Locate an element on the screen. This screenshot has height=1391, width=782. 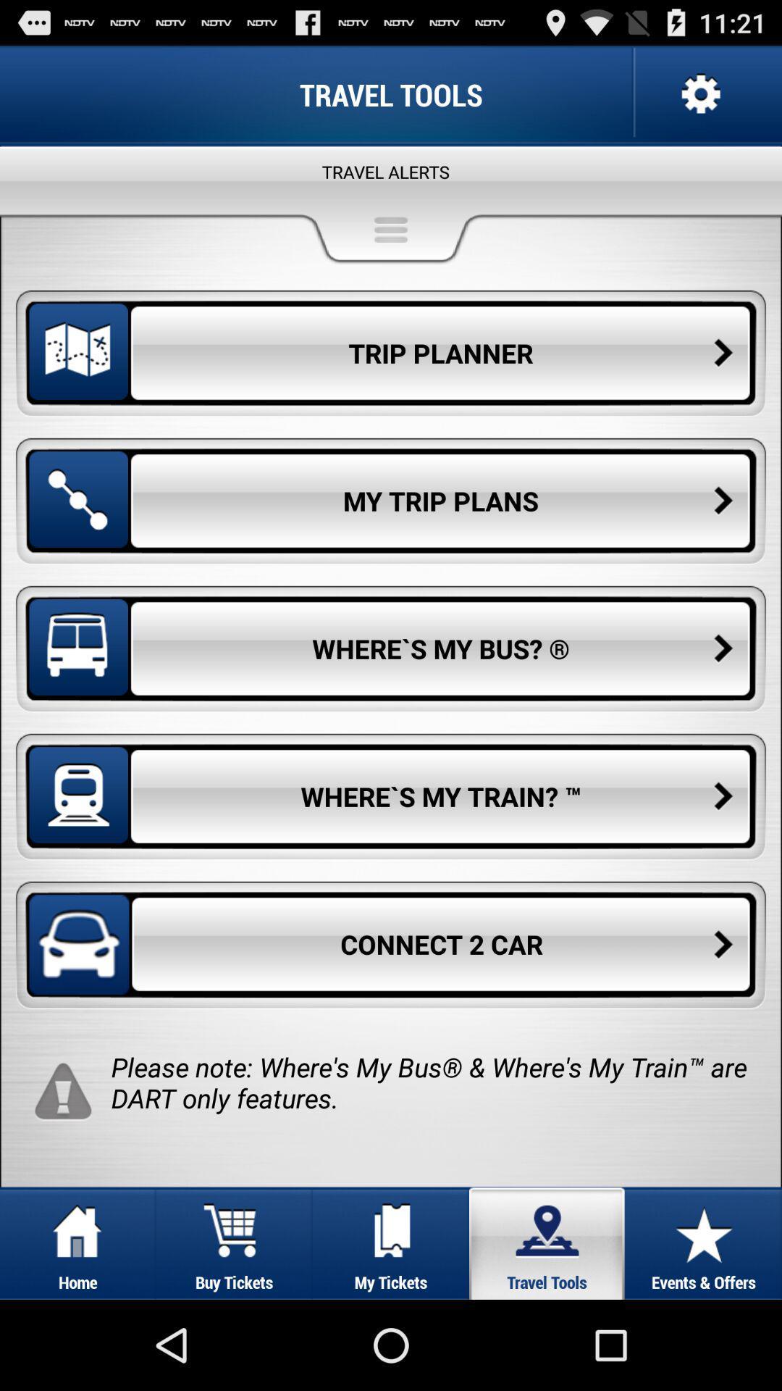
settings is located at coordinates (698, 93).